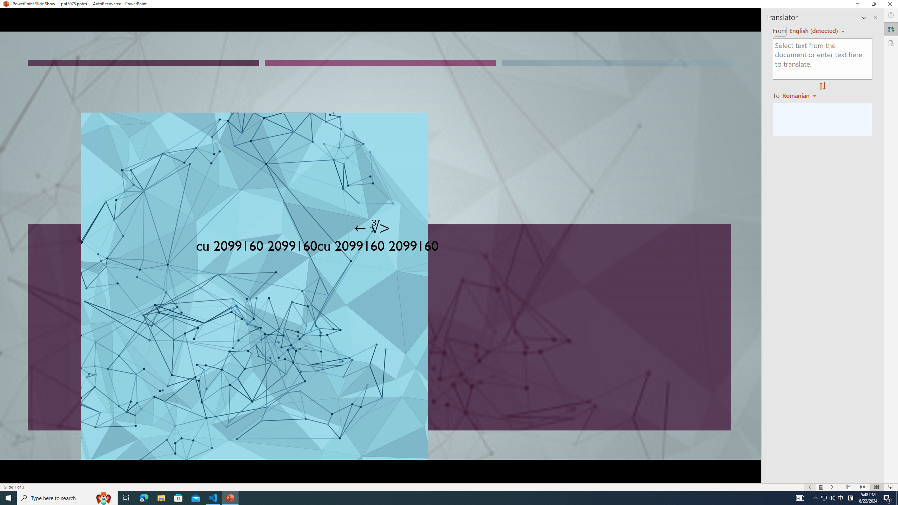  Describe the element at coordinates (810, 487) in the screenshot. I see `'Slide Show Previous On'` at that location.